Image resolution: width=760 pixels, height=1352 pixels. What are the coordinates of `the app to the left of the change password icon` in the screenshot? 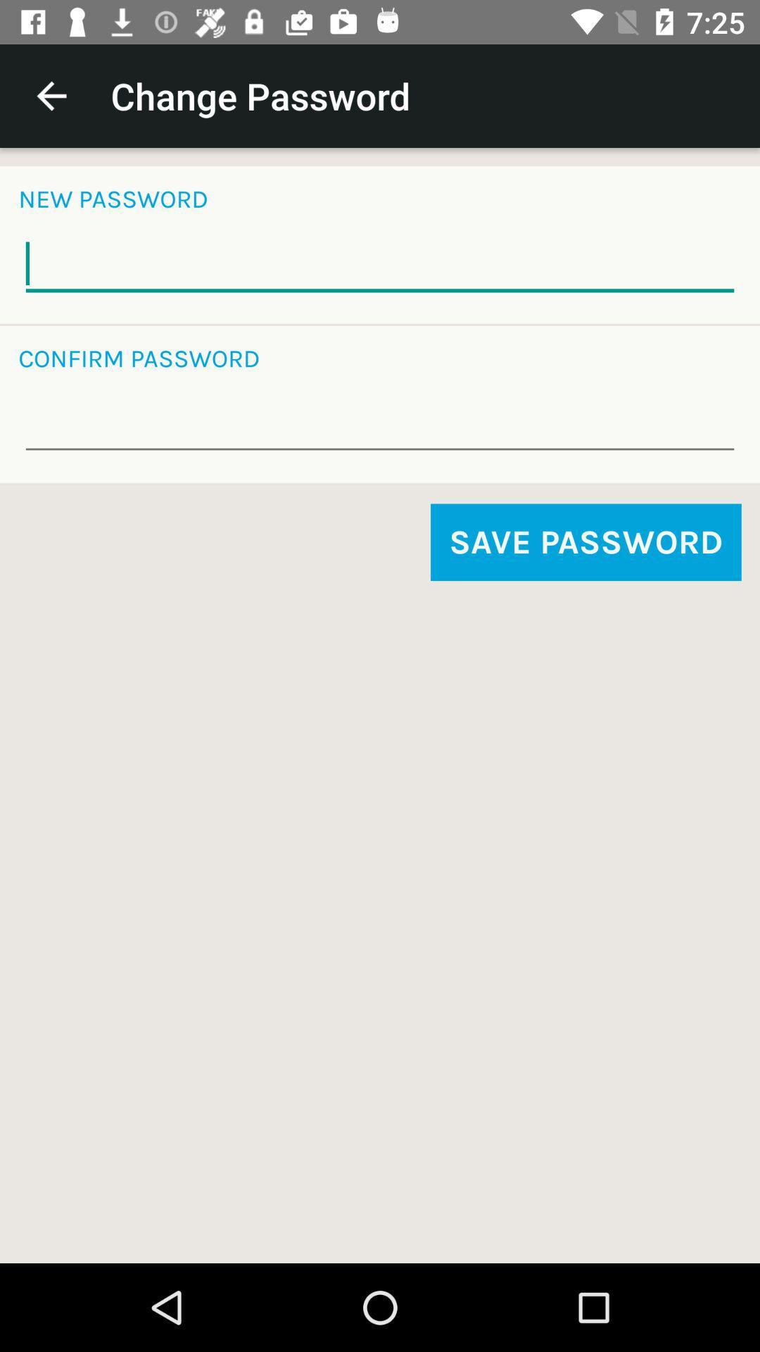 It's located at (51, 95).